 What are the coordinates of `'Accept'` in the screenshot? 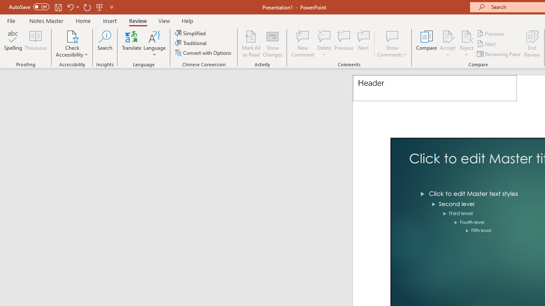 It's located at (447, 44).